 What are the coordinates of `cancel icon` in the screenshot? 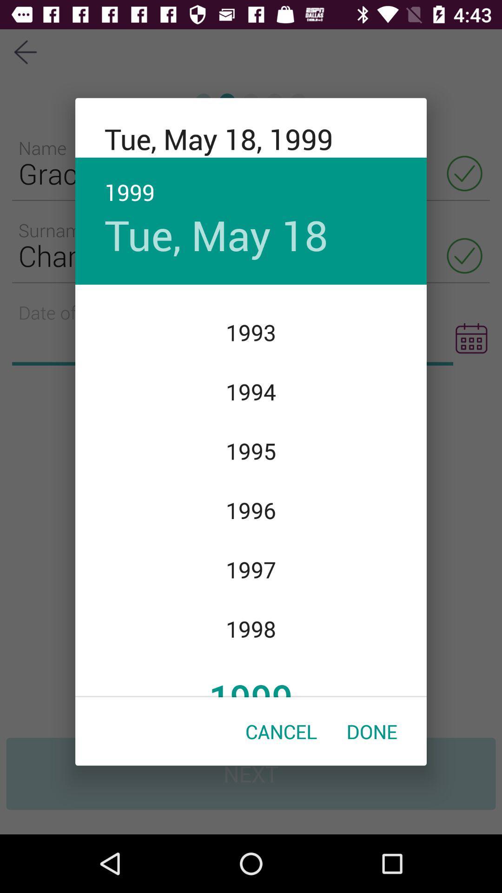 It's located at (281, 731).